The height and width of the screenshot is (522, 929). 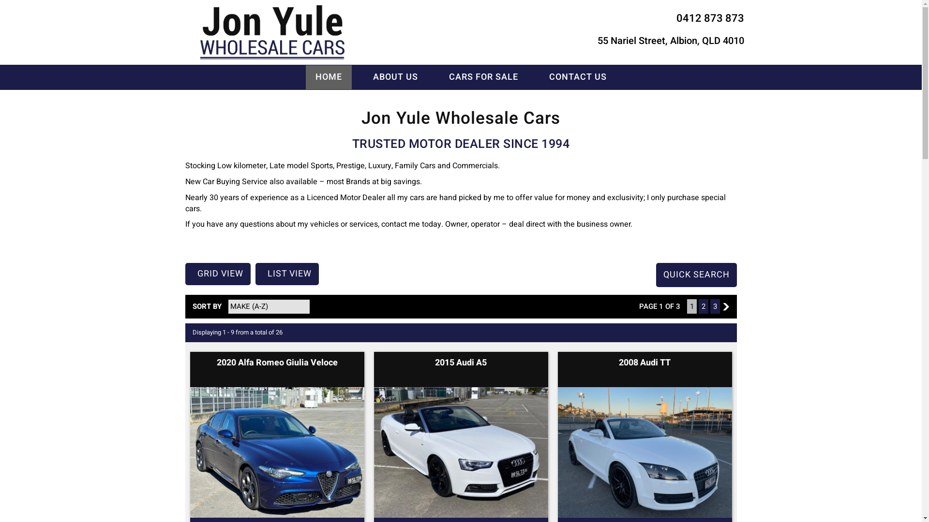 I want to click on '2020 Alfa Romeo Giulia Veloce', so click(x=216, y=362).